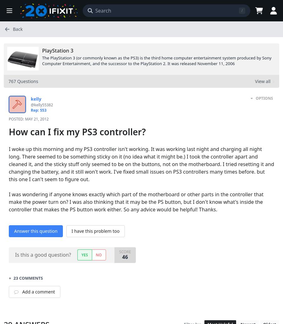 The height and width of the screenshot is (324, 283). Describe the element at coordinates (16, 119) in the screenshot. I see `'Posted:'` at that location.